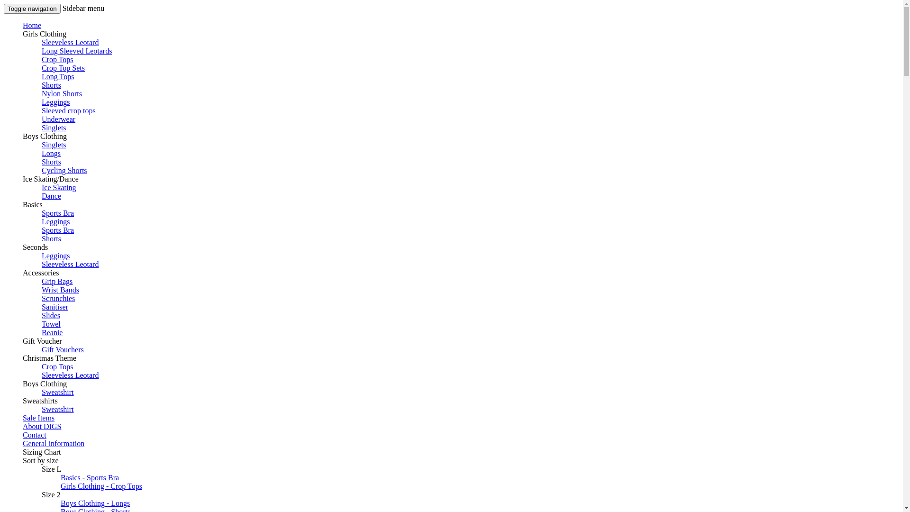 The image size is (910, 512). Describe the element at coordinates (51, 468) in the screenshot. I see `'Size L'` at that location.